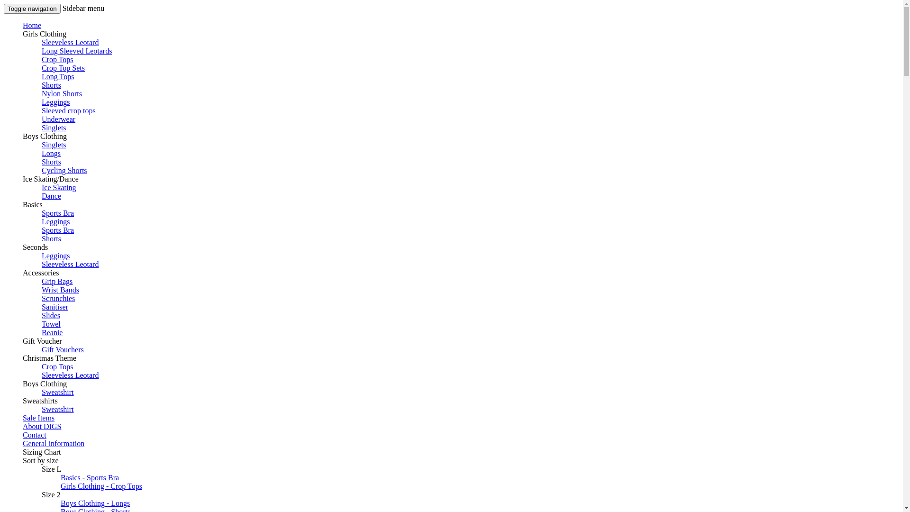 The image size is (910, 512). Describe the element at coordinates (51, 468) in the screenshot. I see `'Size L'` at that location.